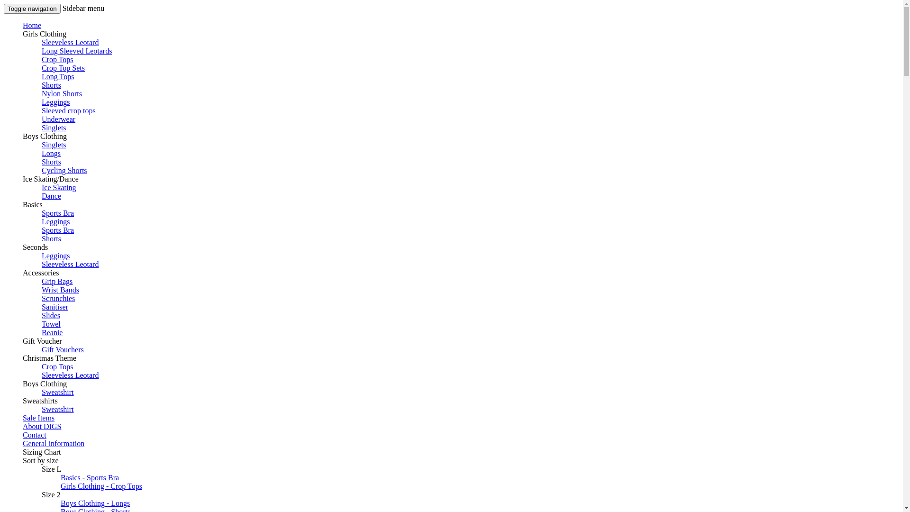 The image size is (910, 512). Describe the element at coordinates (51, 468) in the screenshot. I see `'Size L'` at that location.